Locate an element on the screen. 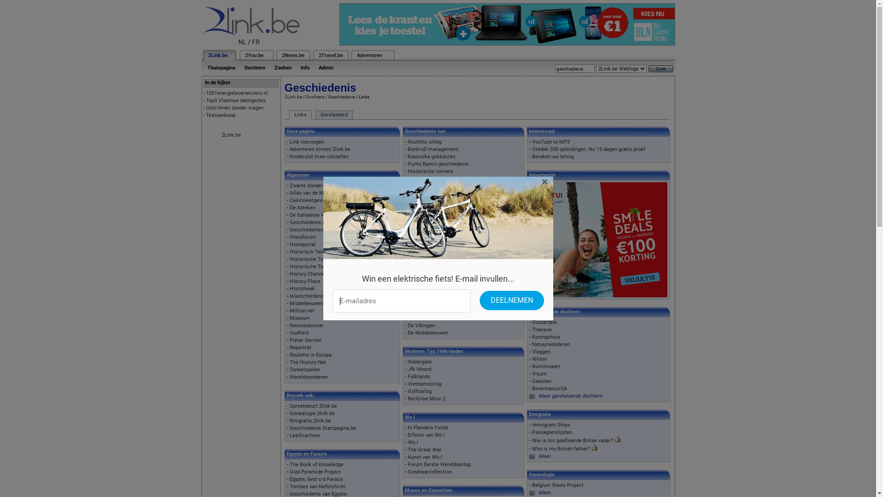 The image size is (883, 497). 'Natuurwonderen' is located at coordinates (551, 344).